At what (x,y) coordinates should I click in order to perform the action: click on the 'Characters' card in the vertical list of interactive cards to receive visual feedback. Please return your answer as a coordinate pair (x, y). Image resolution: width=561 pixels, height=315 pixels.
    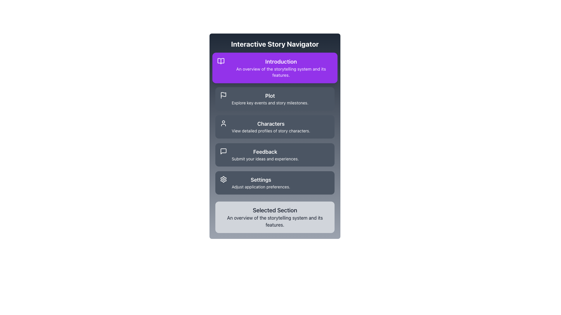
    Looking at the image, I should click on (274, 123).